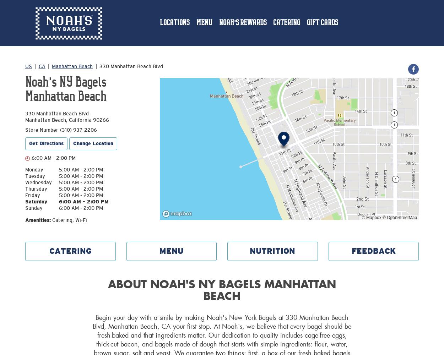 This screenshot has width=444, height=355. What do you see at coordinates (38, 220) in the screenshot?
I see `'Amenities:'` at bounding box center [38, 220].